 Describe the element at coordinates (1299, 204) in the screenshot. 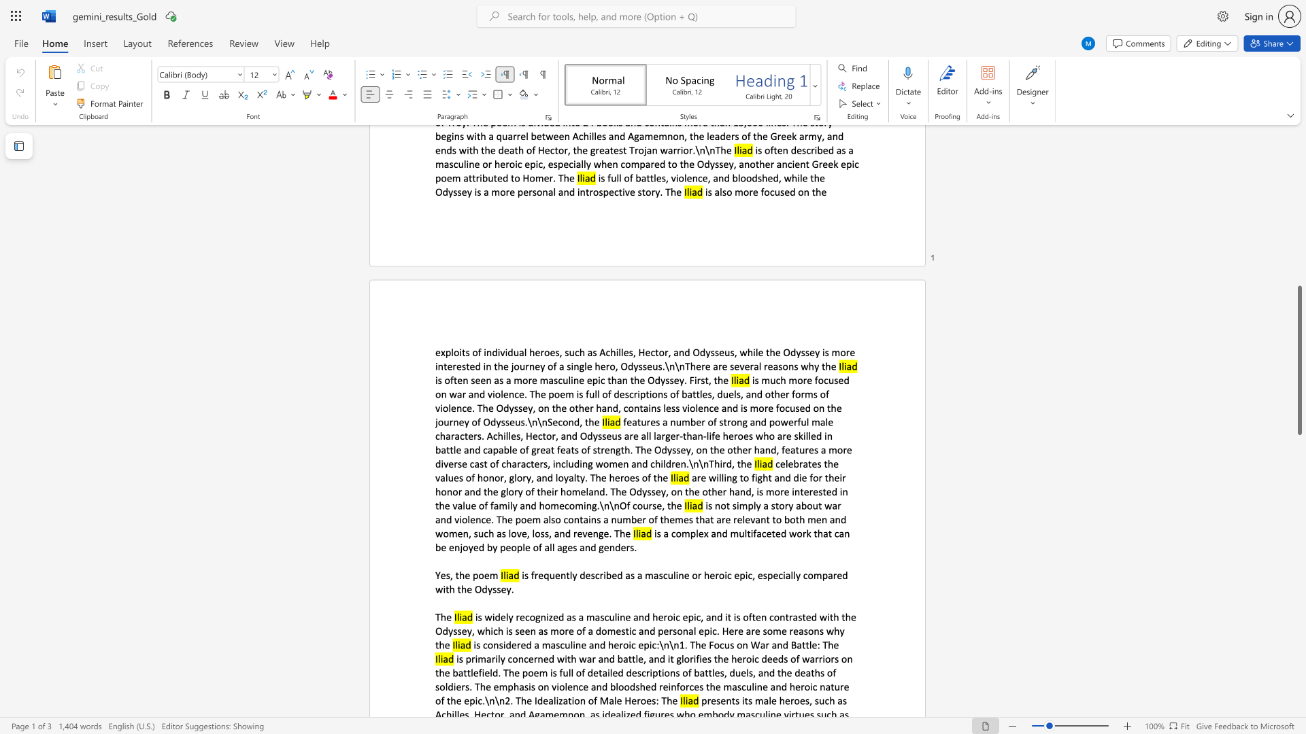

I see `the scrollbar to move the content higher` at that location.